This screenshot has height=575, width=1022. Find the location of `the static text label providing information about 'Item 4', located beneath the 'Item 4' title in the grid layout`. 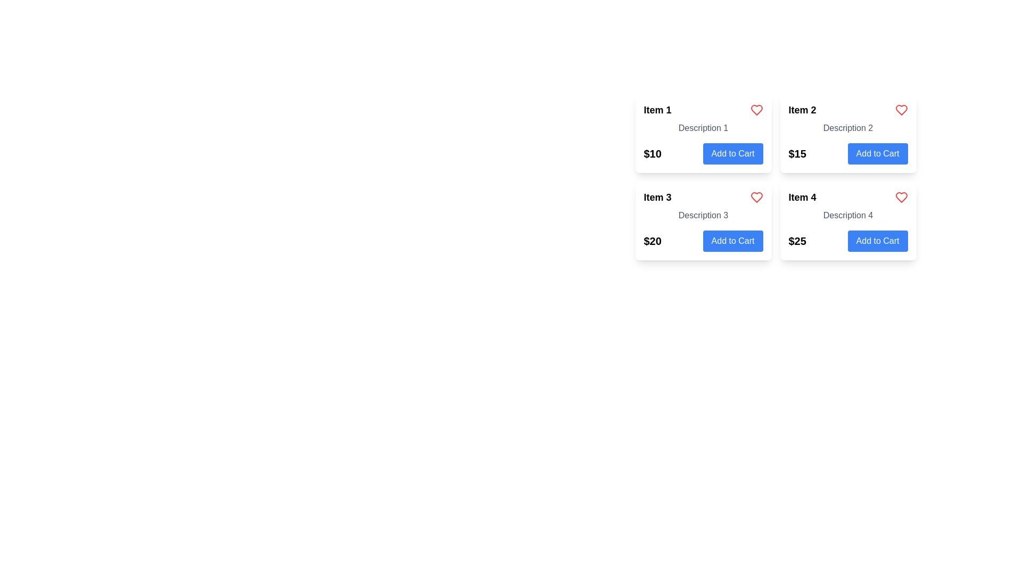

the static text label providing information about 'Item 4', located beneath the 'Item 4' title in the grid layout is located at coordinates (847, 216).